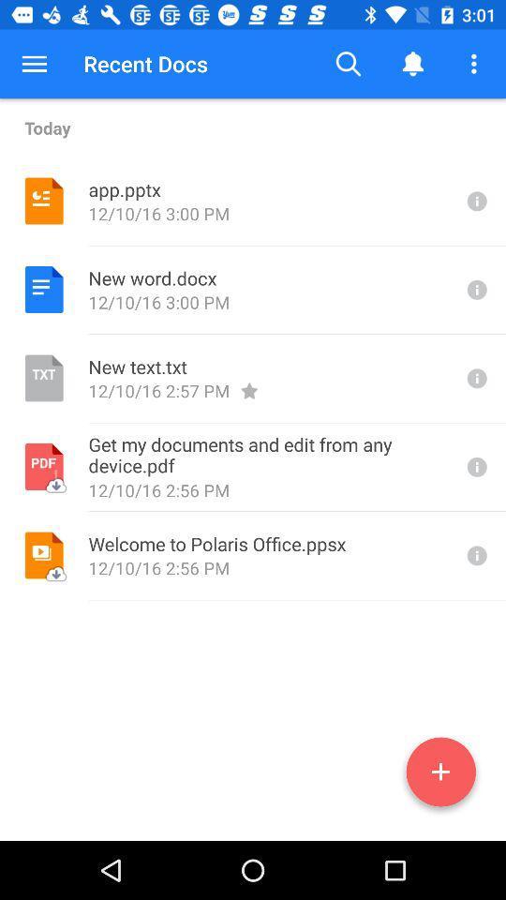  I want to click on a doc, so click(440, 775).